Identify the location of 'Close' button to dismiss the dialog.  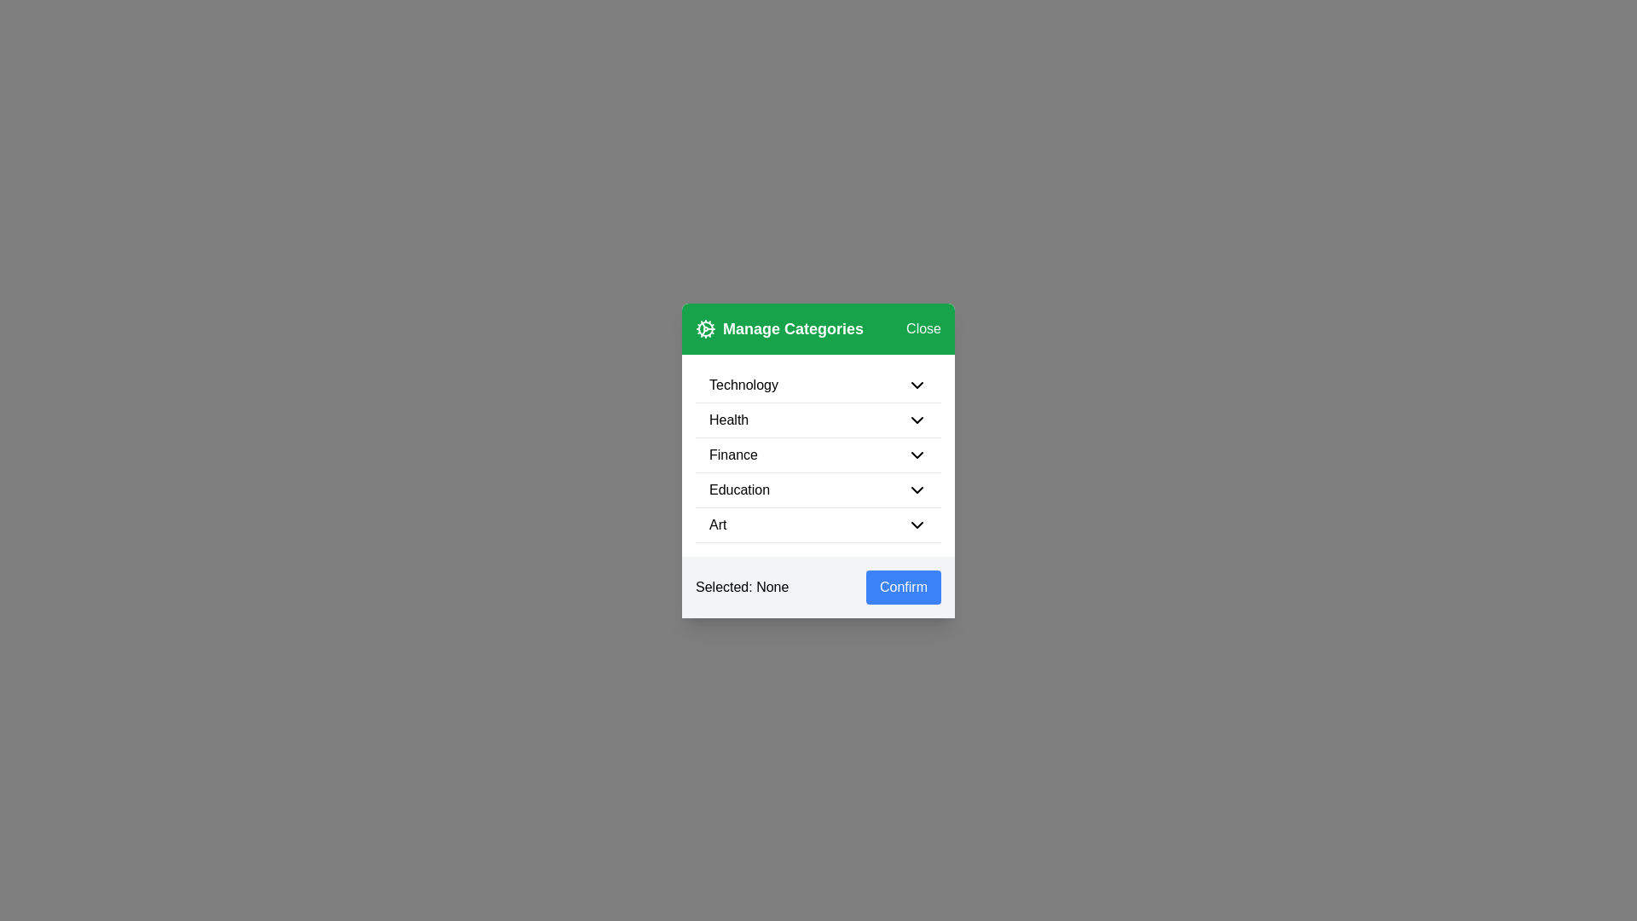
(923, 328).